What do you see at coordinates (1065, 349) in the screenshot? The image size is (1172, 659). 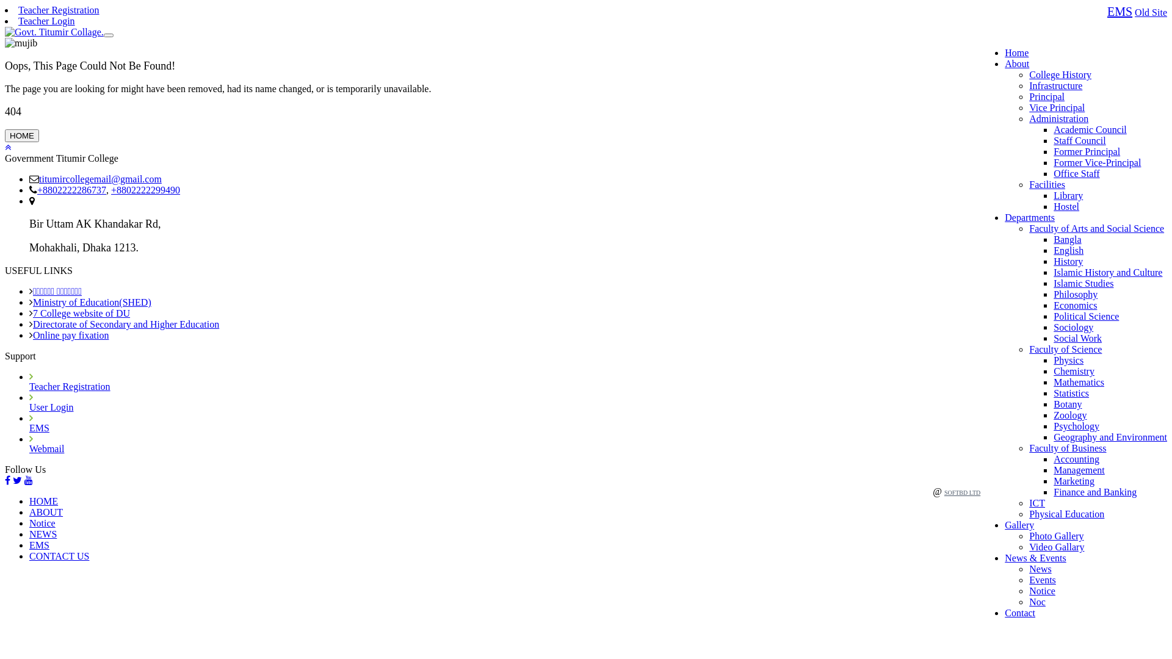 I see `'Faculty of Science'` at bounding box center [1065, 349].